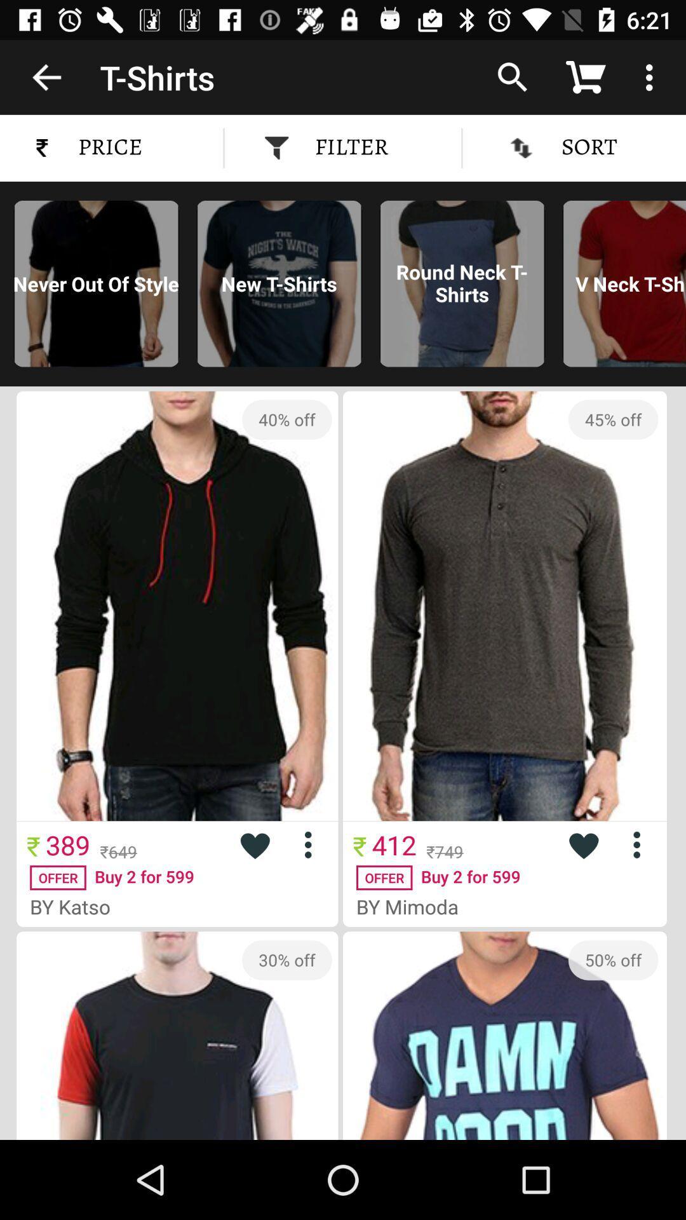  Describe the element at coordinates (642, 844) in the screenshot. I see `menu for further item options` at that location.